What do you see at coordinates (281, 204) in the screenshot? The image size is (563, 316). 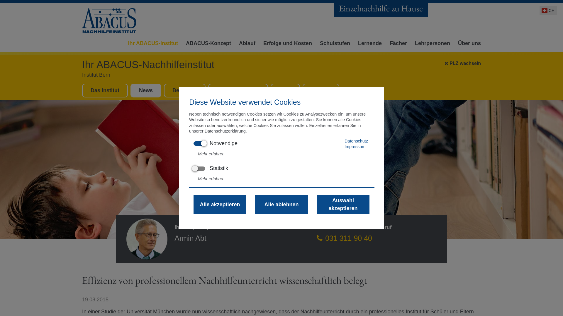 I see `'Alle ablehnen'` at bounding box center [281, 204].